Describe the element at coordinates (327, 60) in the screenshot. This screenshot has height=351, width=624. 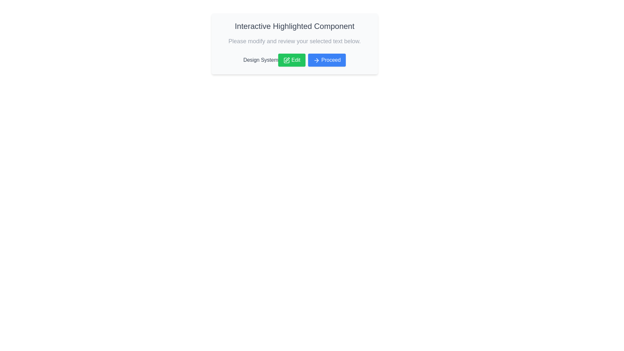
I see `the 'Proceed' button, which is the last interactive element under the title 'Interactive Highlighted Component'` at that location.